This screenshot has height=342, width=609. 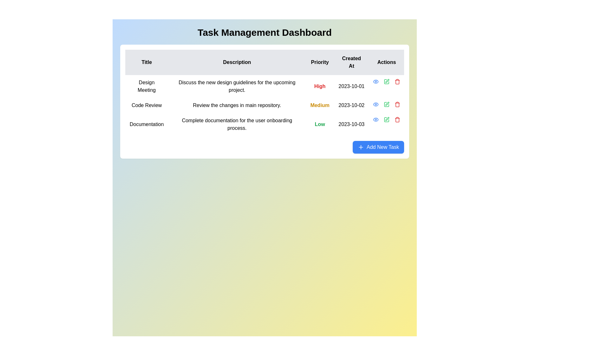 I want to click on the first row of the task management table that includes the task 'Design Meeting', so click(x=265, y=86).